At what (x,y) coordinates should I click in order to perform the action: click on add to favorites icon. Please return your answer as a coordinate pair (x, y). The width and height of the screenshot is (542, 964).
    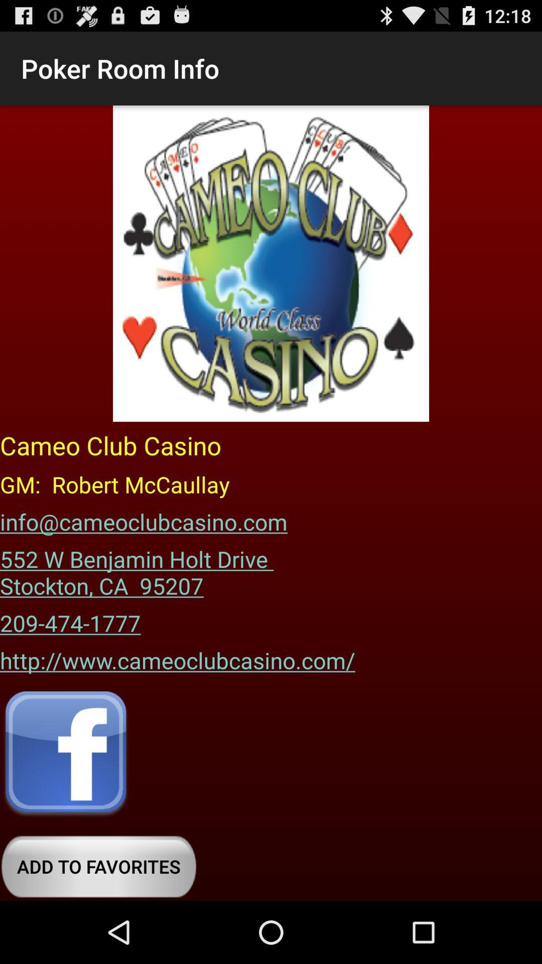
    Looking at the image, I should click on (98, 866).